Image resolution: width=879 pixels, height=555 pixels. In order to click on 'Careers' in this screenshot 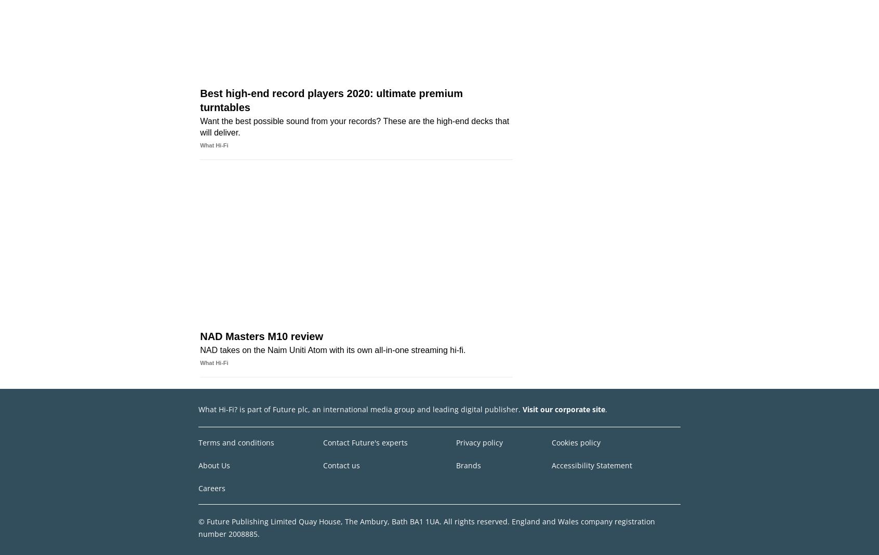, I will do `click(211, 487)`.